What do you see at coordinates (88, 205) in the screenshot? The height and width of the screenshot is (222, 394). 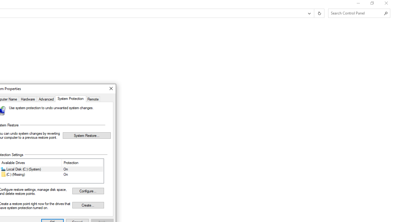 I see `'Create...'` at bounding box center [88, 205].